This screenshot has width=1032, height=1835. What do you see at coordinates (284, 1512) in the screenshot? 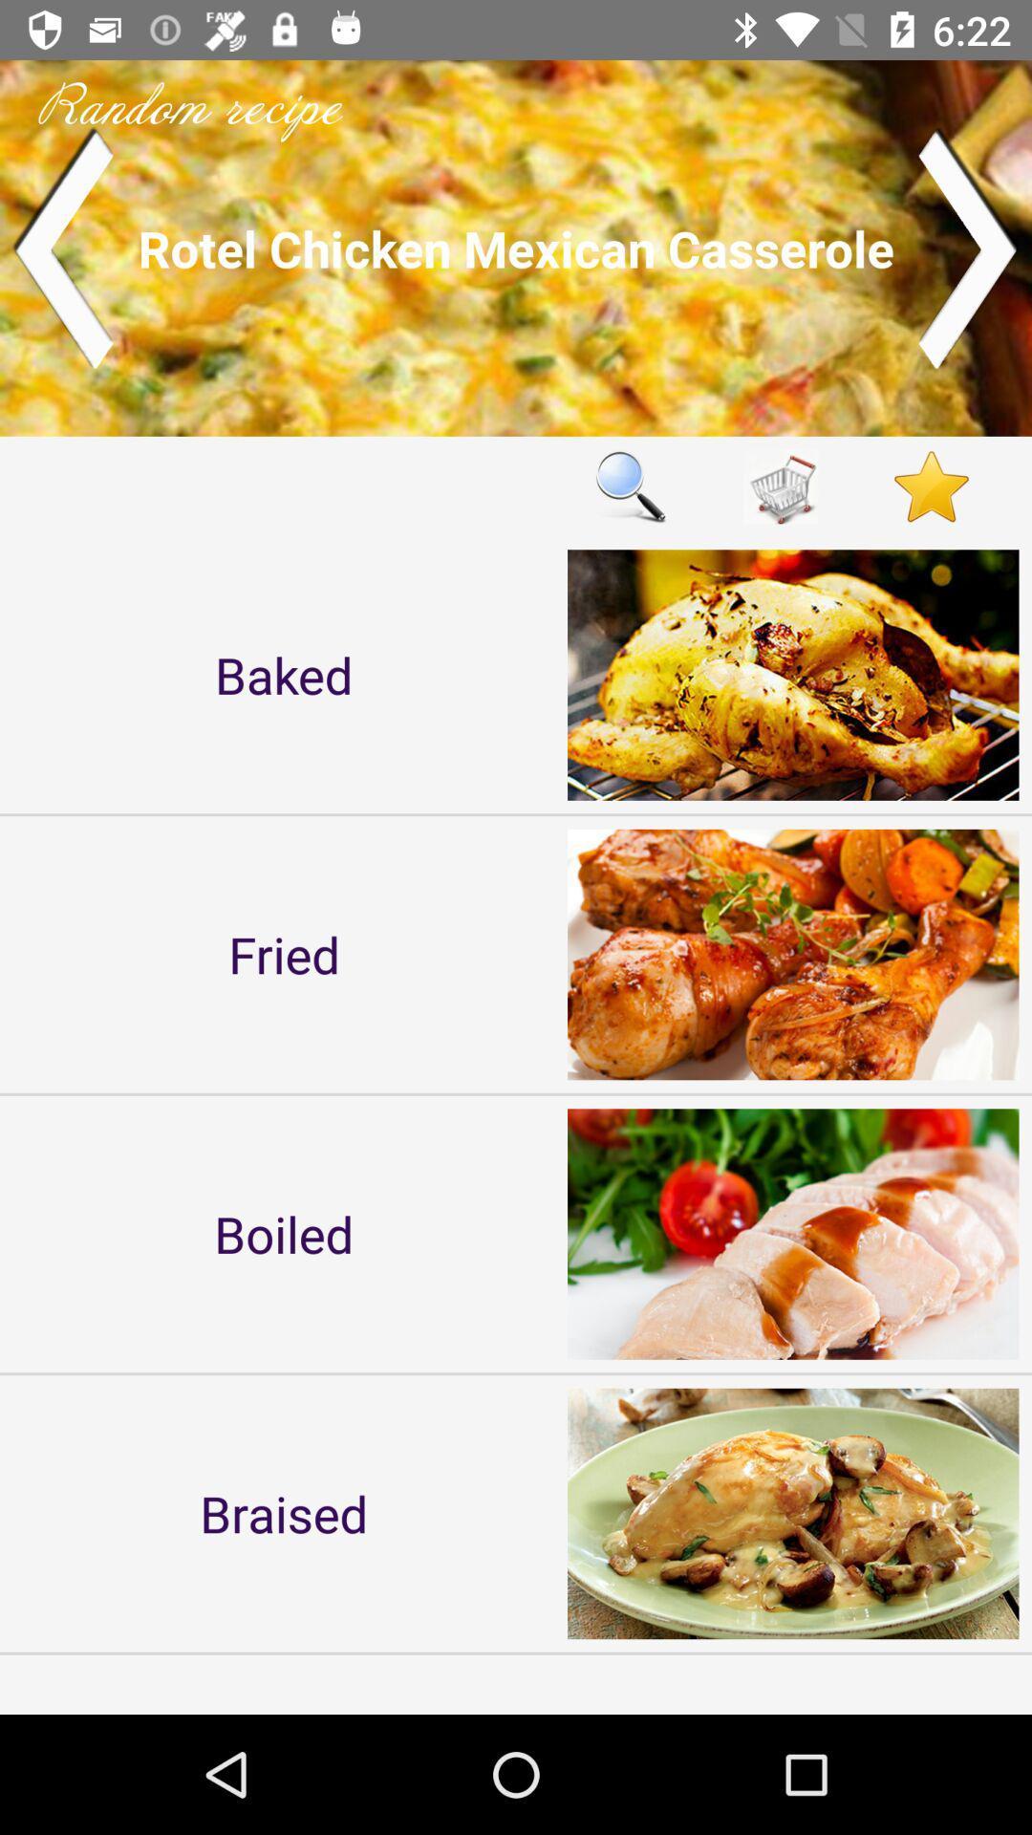
I see `braised` at bounding box center [284, 1512].